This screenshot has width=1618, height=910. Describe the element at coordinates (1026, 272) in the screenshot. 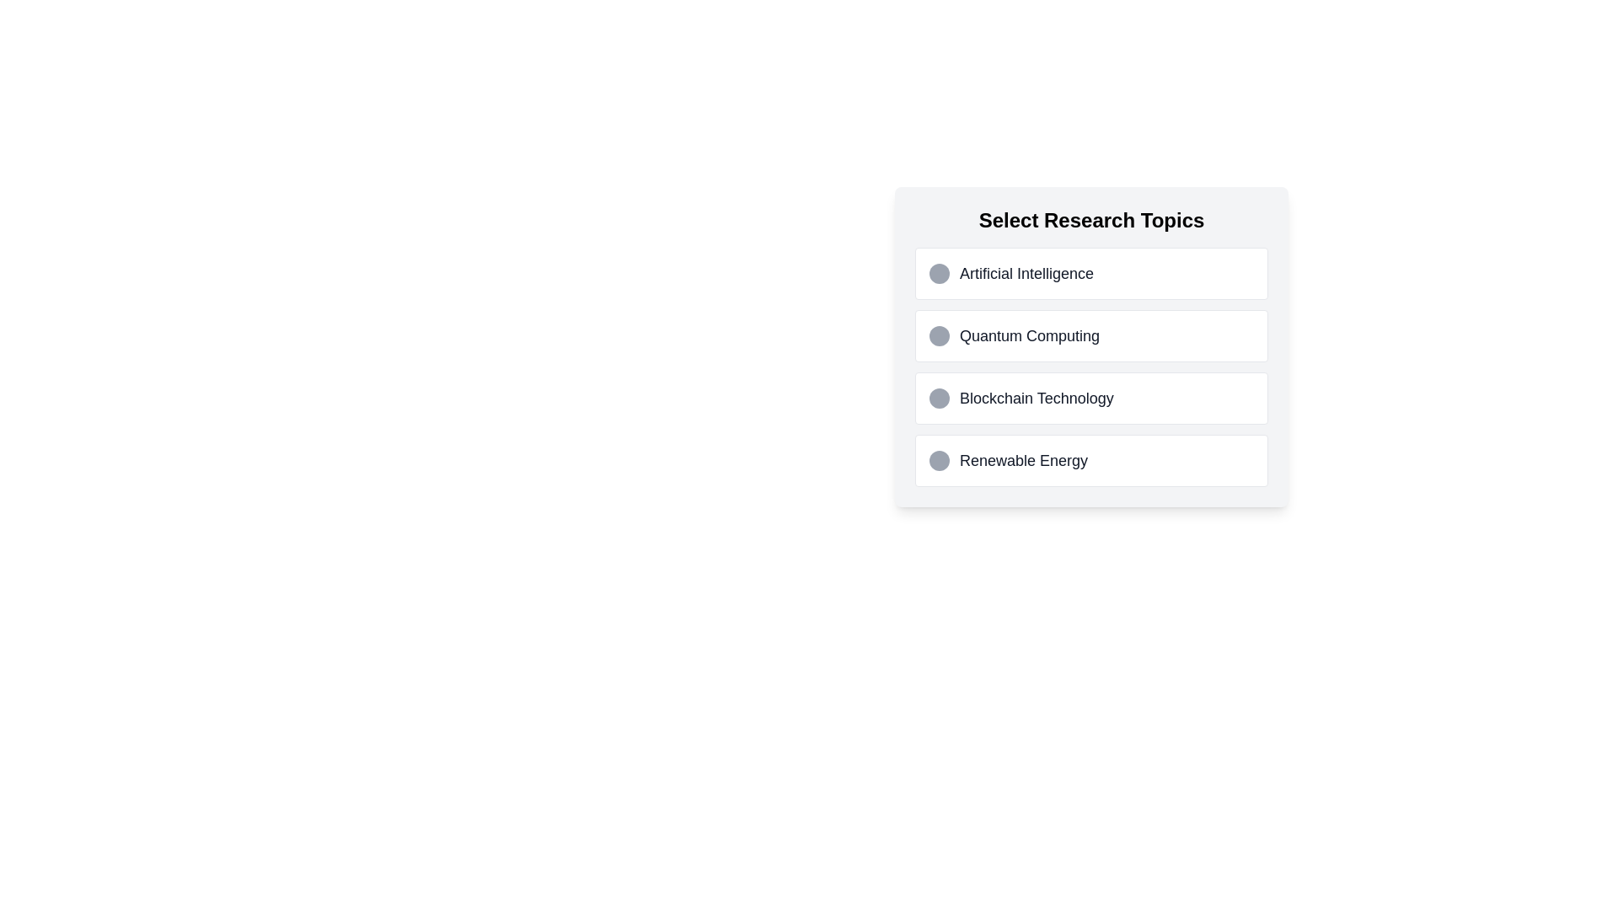

I see `the text label for the selectable research topic located to the right of the circular icon in the selection box for 'Select Research Topics'` at that location.